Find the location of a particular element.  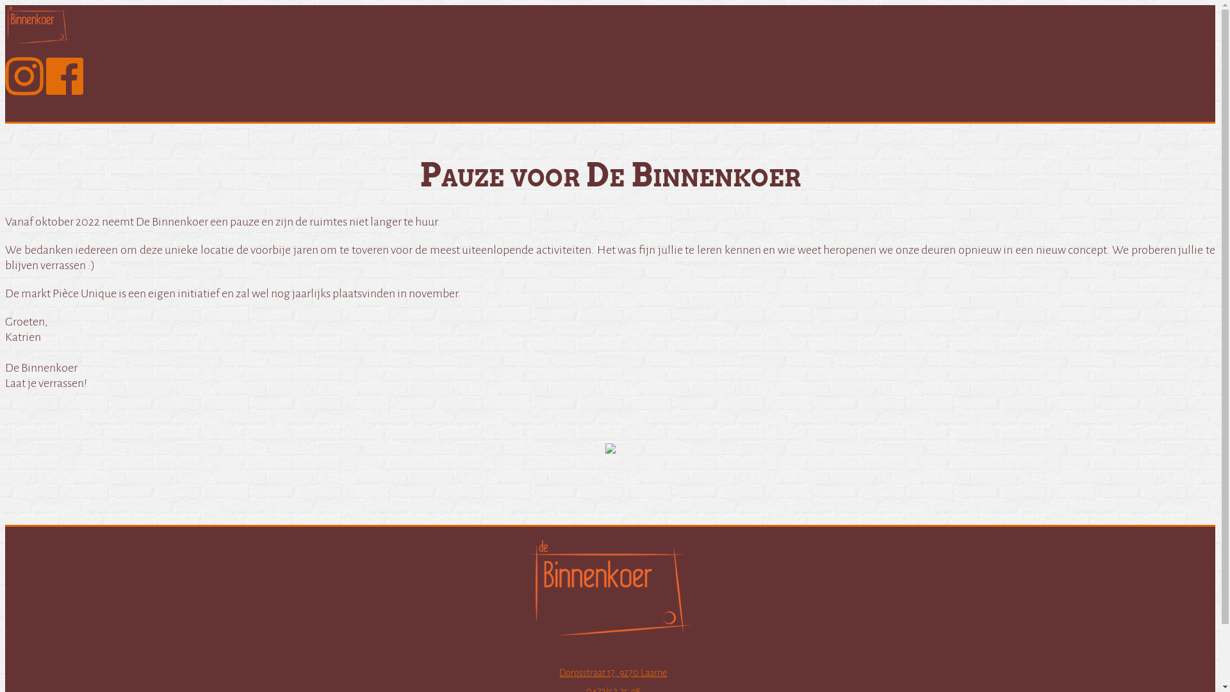

'Dorpsstraat 17, 9270 Laarne' is located at coordinates (612, 671).